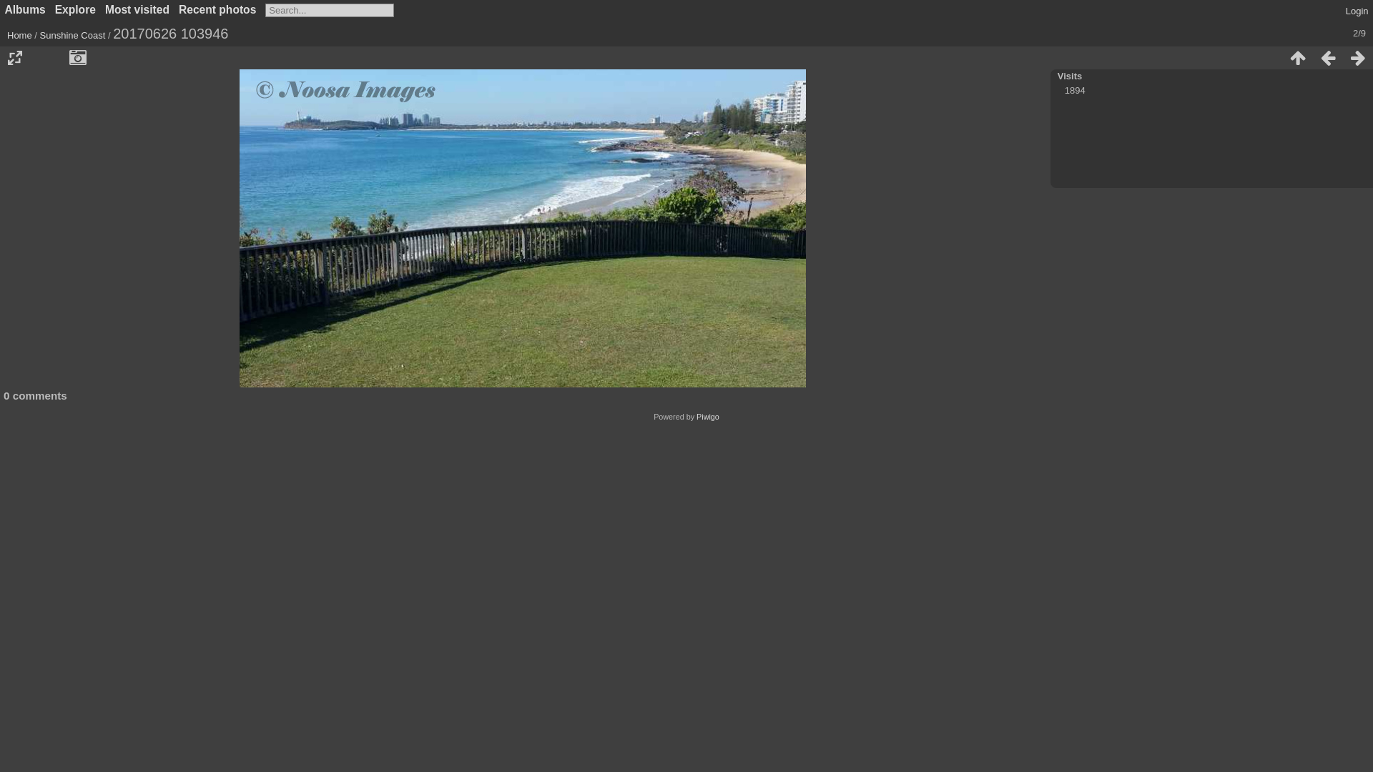  Describe the element at coordinates (1356, 11) in the screenshot. I see `'Login'` at that location.